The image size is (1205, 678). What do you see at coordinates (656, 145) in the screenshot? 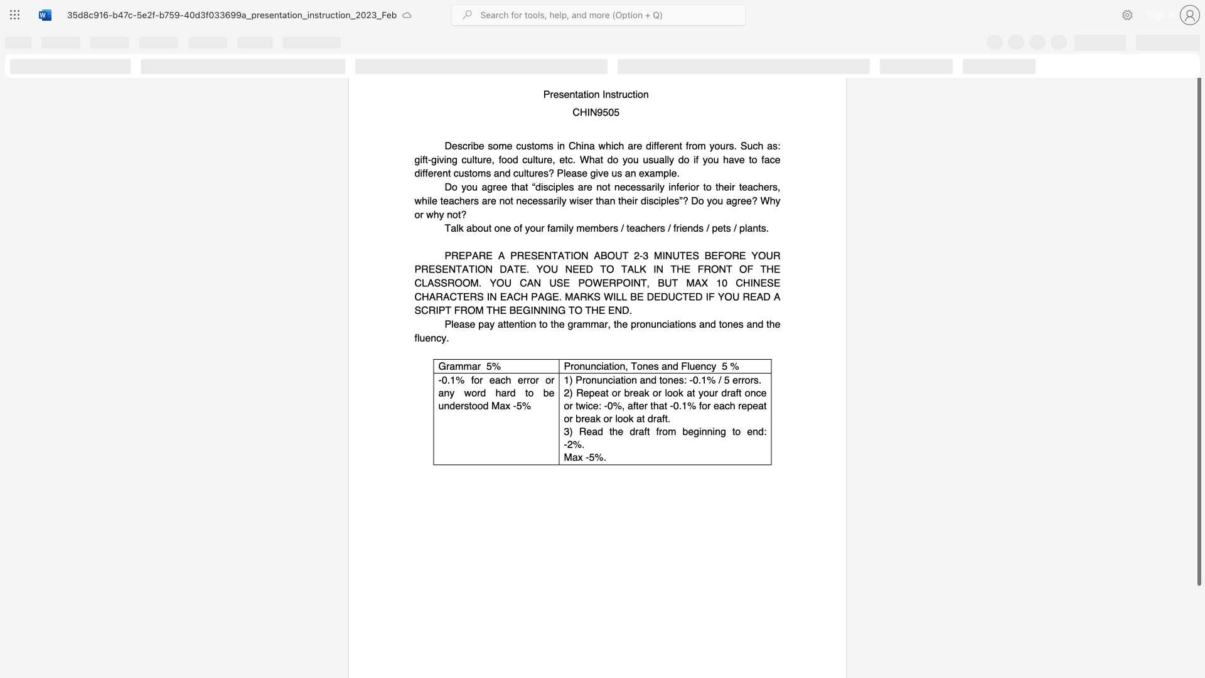
I see `the subset text "ferent from y" within the text "Describe some customs in China which are different from yours. Such as: gift-giving culture, food culture, etc. What do you usually do if you have to face different customs and"` at bounding box center [656, 145].